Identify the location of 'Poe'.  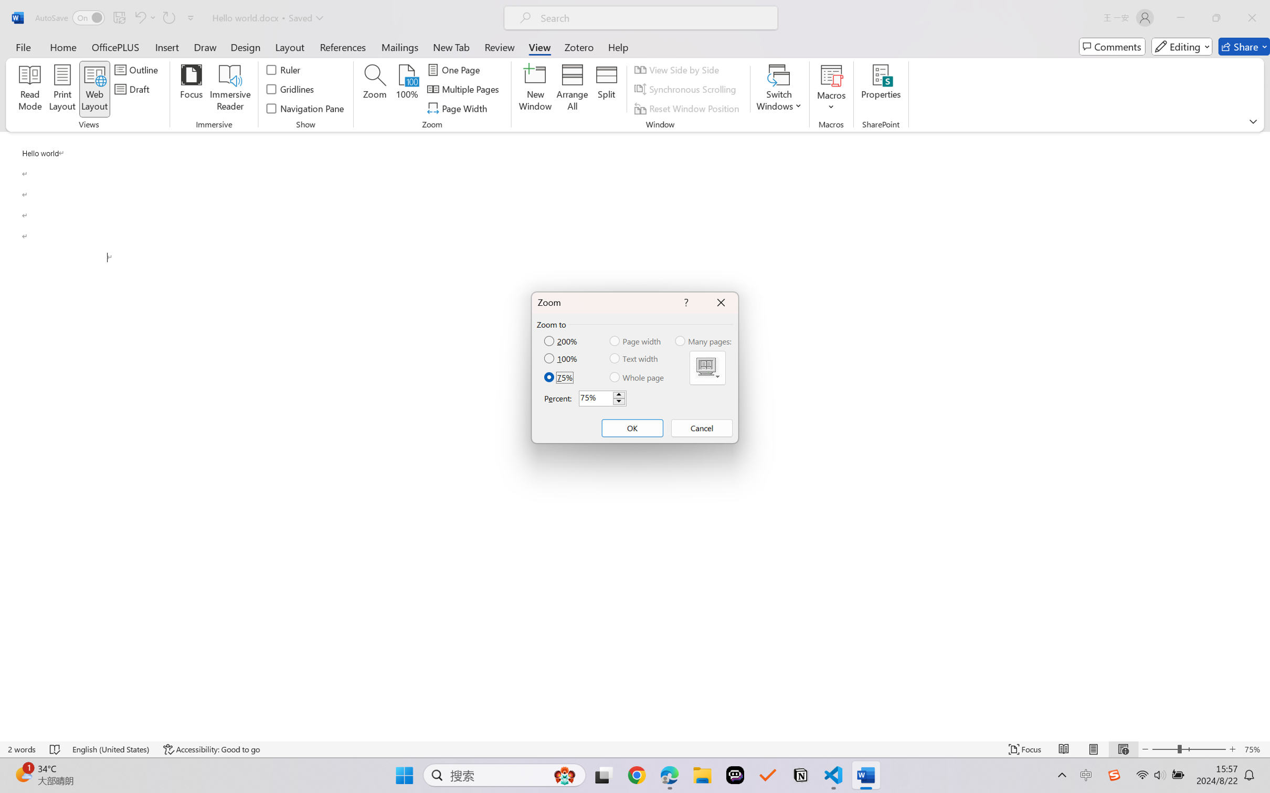
(735, 775).